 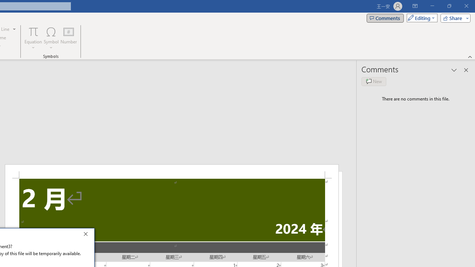 What do you see at coordinates (33, 38) in the screenshot?
I see `'Equation'` at bounding box center [33, 38].